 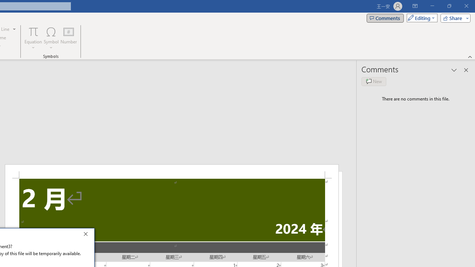 What do you see at coordinates (33, 38) in the screenshot?
I see `'Equation'` at bounding box center [33, 38].